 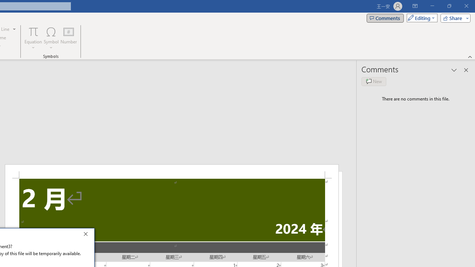 What do you see at coordinates (33, 38) in the screenshot?
I see `'Equation'` at bounding box center [33, 38].